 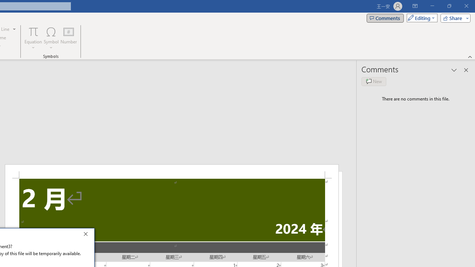 What do you see at coordinates (33, 38) in the screenshot?
I see `'Equation'` at bounding box center [33, 38].